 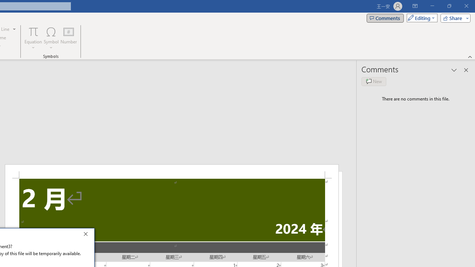 What do you see at coordinates (33, 38) in the screenshot?
I see `'Equation'` at bounding box center [33, 38].